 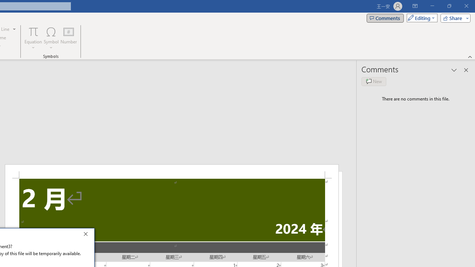 What do you see at coordinates (33, 38) in the screenshot?
I see `'Equation'` at bounding box center [33, 38].